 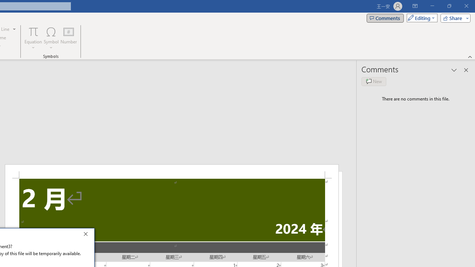 What do you see at coordinates (33, 38) in the screenshot?
I see `'Equation'` at bounding box center [33, 38].